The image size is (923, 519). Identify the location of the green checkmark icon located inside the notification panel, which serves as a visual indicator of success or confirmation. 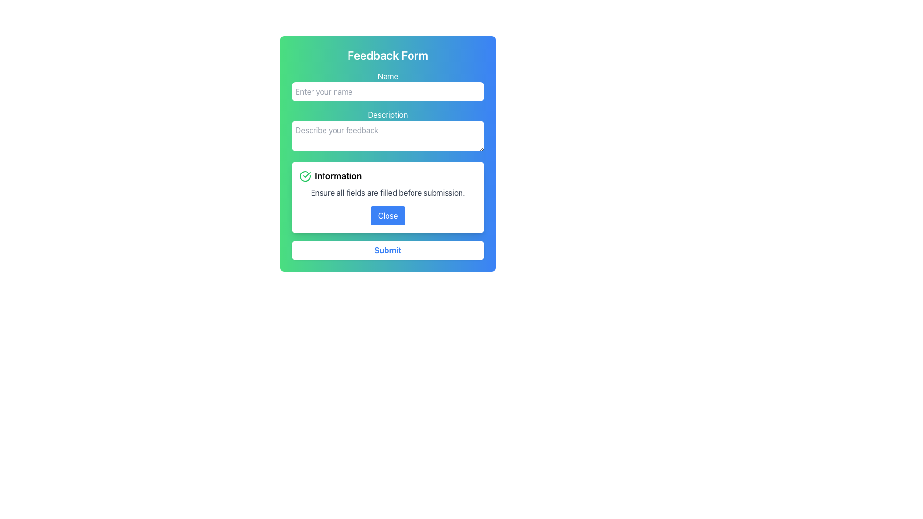
(306, 174).